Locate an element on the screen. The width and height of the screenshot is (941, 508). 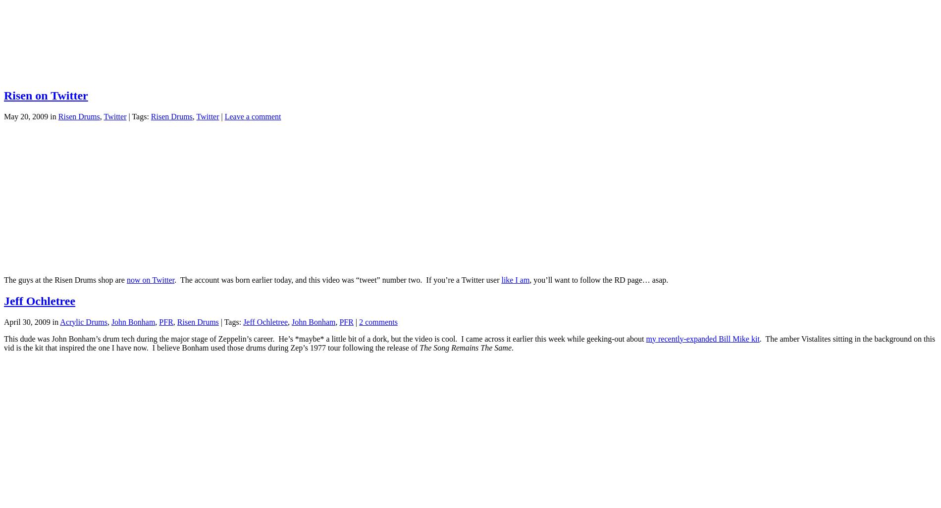
'May 20, 2009 in' is located at coordinates (31, 116).